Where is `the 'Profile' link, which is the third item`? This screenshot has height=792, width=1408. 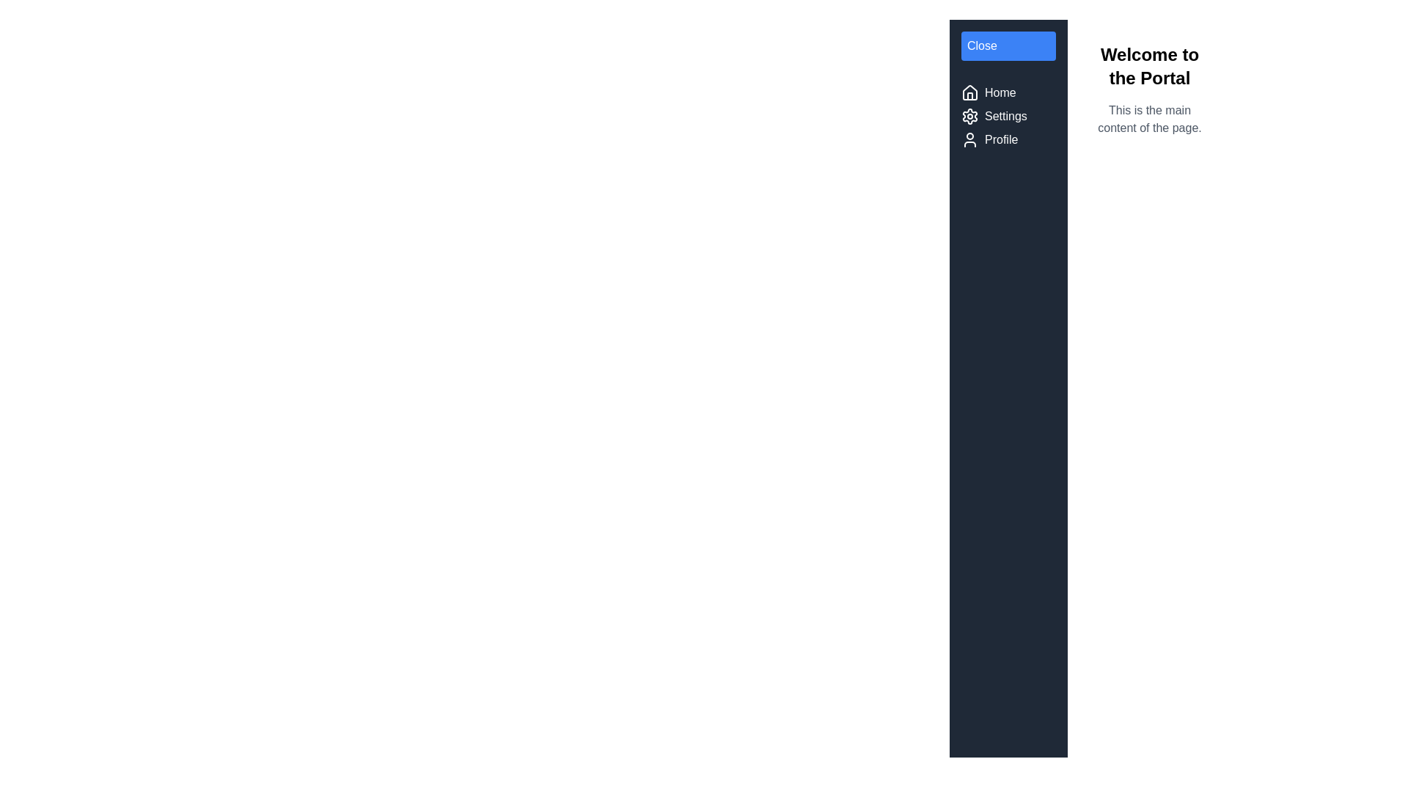
the 'Profile' link, which is the third item is located at coordinates (1007, 140).